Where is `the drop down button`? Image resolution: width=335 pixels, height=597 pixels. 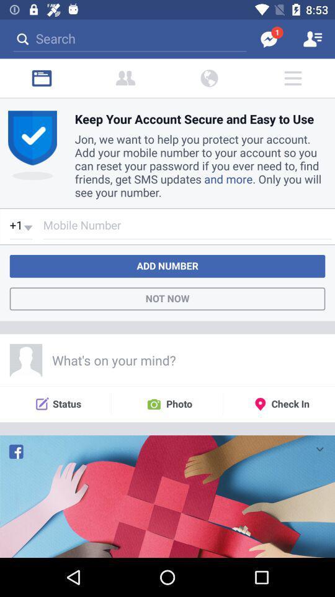
the drop down button is located at coordinates (319, 448).